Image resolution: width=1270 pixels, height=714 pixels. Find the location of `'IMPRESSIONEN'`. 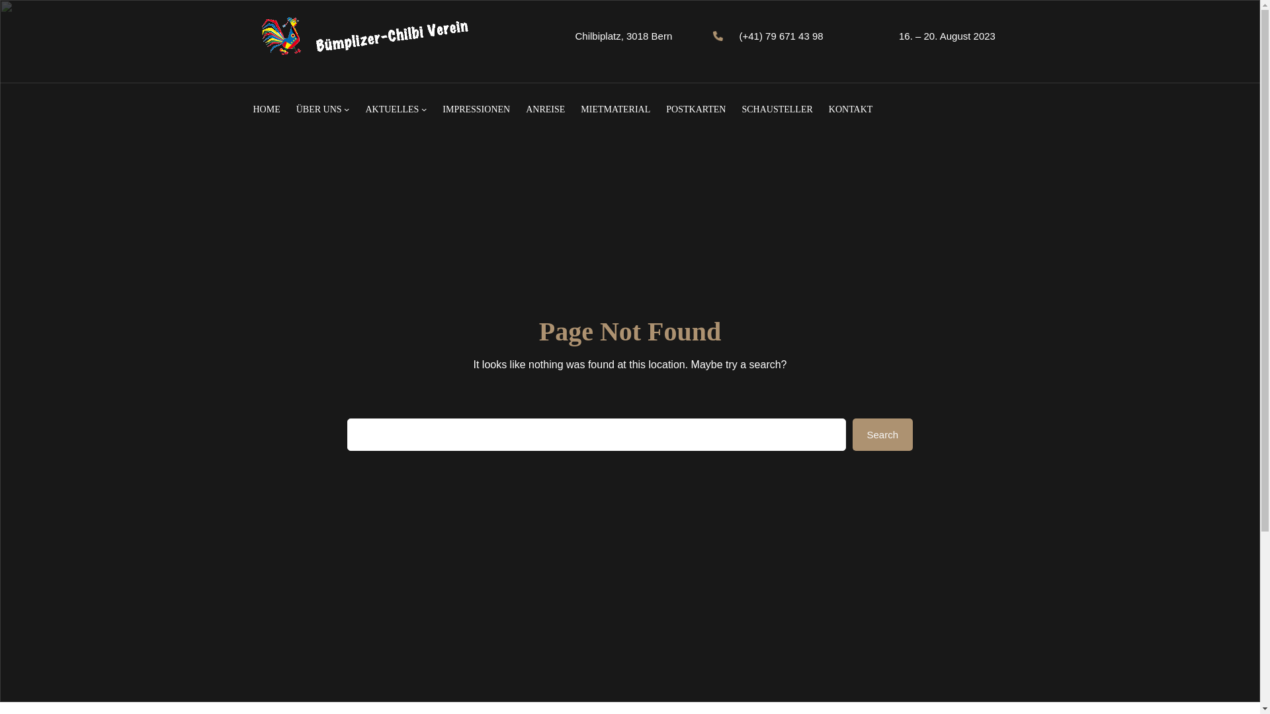

'IMPRESSIONEN' is located at coordinates (476, 108).